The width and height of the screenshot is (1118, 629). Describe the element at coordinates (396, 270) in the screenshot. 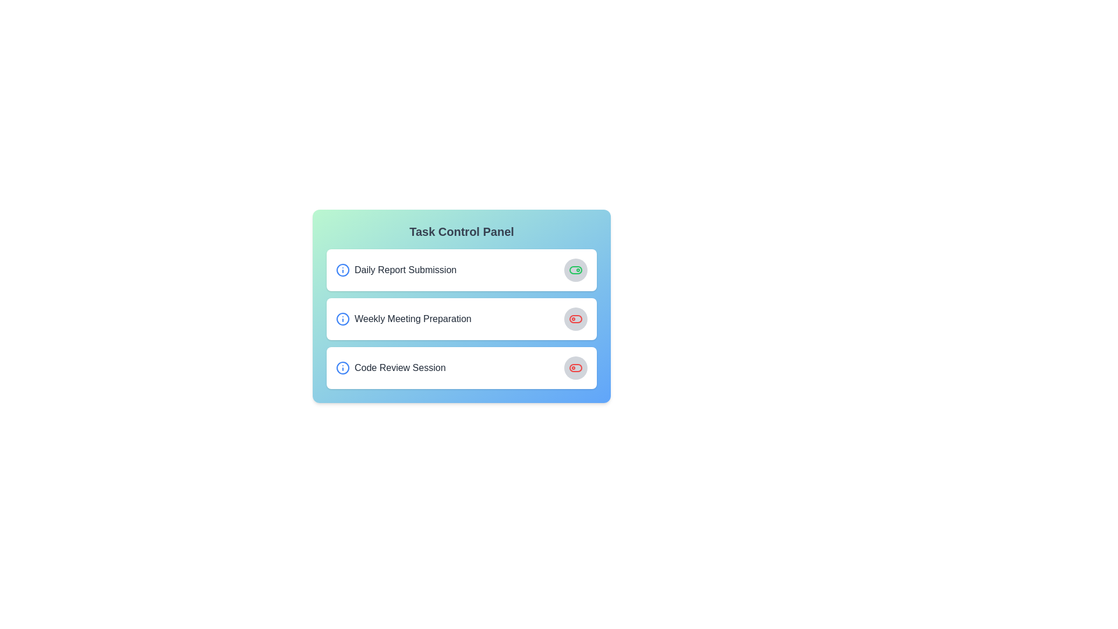

I see `the text label element that identifies the 'Daily Report Submission' task in the Task Control Panel` at that location.